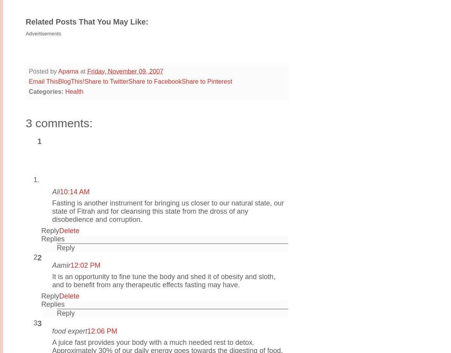 The width and height of the screenshot is (451, 353). I want to click on 'Share to Pinterest', so click(206, 81).